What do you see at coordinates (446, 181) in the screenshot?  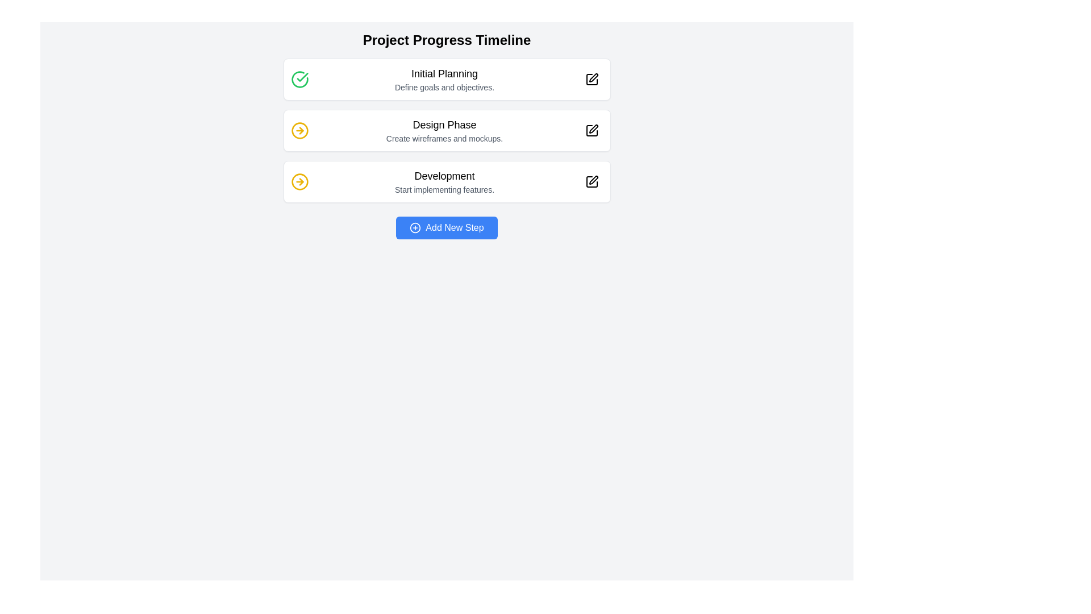 I see `the third List item card in the 'Project Progress Timeline' section, which displays 'Development' and 'Start implementing features.'` at bounding box center [446, 181].